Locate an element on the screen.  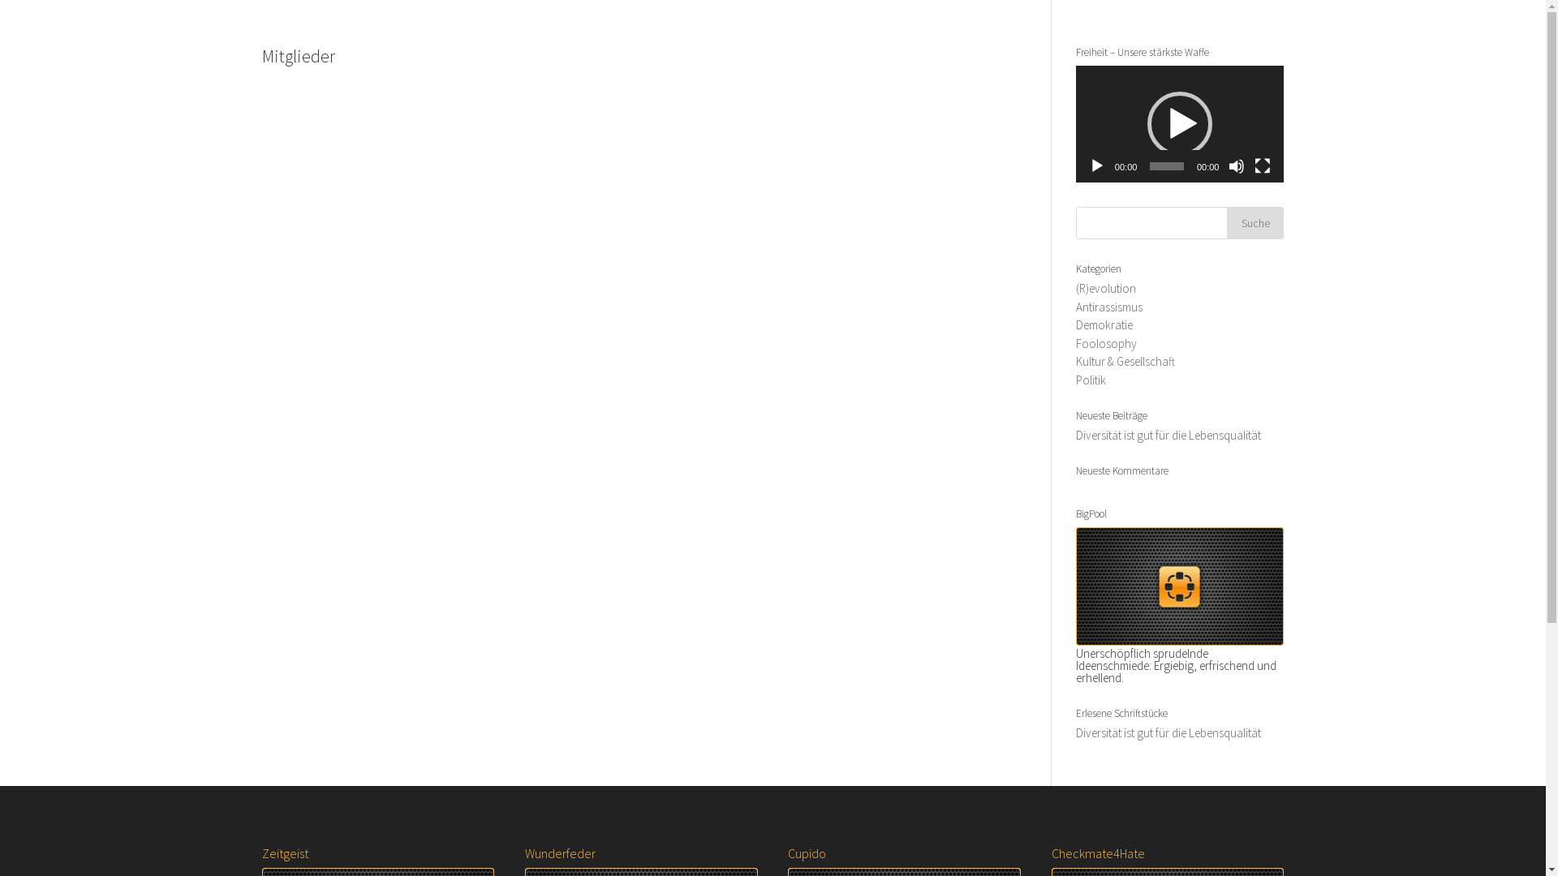
'Foolosophy' is located at coordinates (1075, 342).